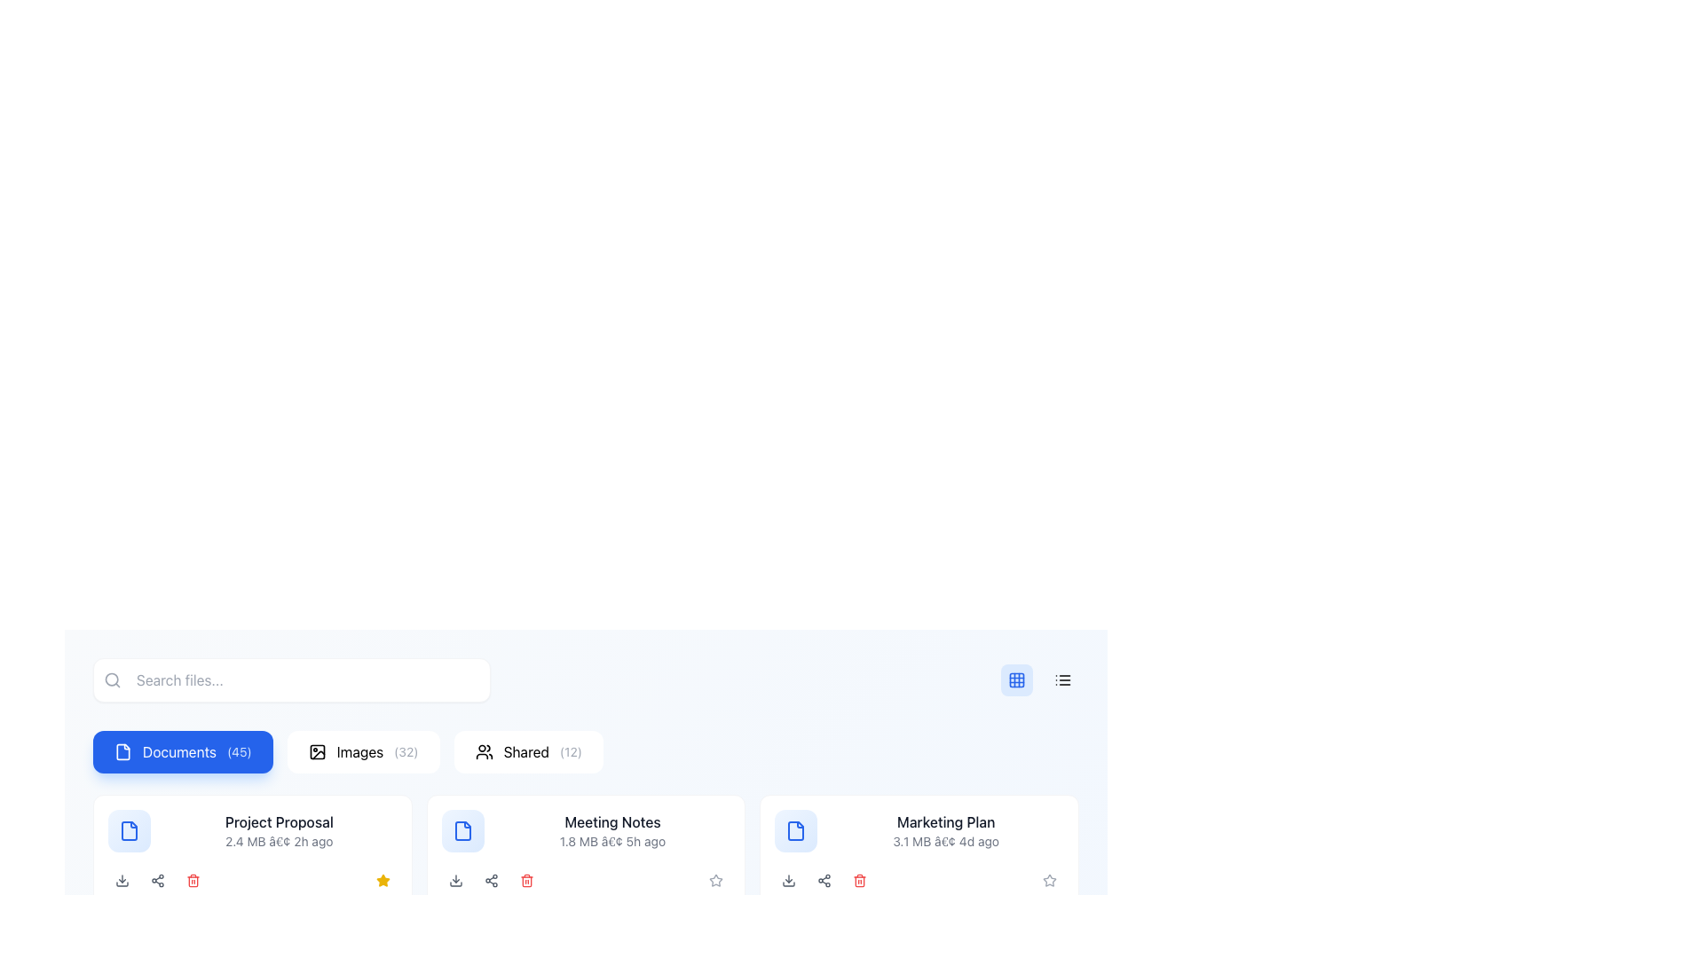 Image resolution: width=1704 pixels, height=958 pixels. What do you see at coordinates (382, 880) in the screenshot?
I see `the toggleable star icon for favoriting located at the far right of the metadata row for 'Meeting Notes'` at bounding box center [382, 880].